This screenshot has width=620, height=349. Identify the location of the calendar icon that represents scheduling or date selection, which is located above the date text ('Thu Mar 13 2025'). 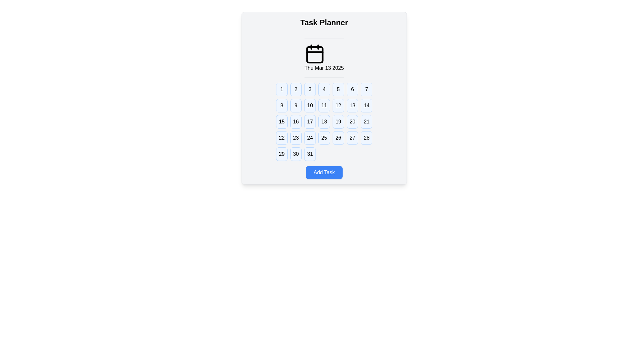
(315, 53).